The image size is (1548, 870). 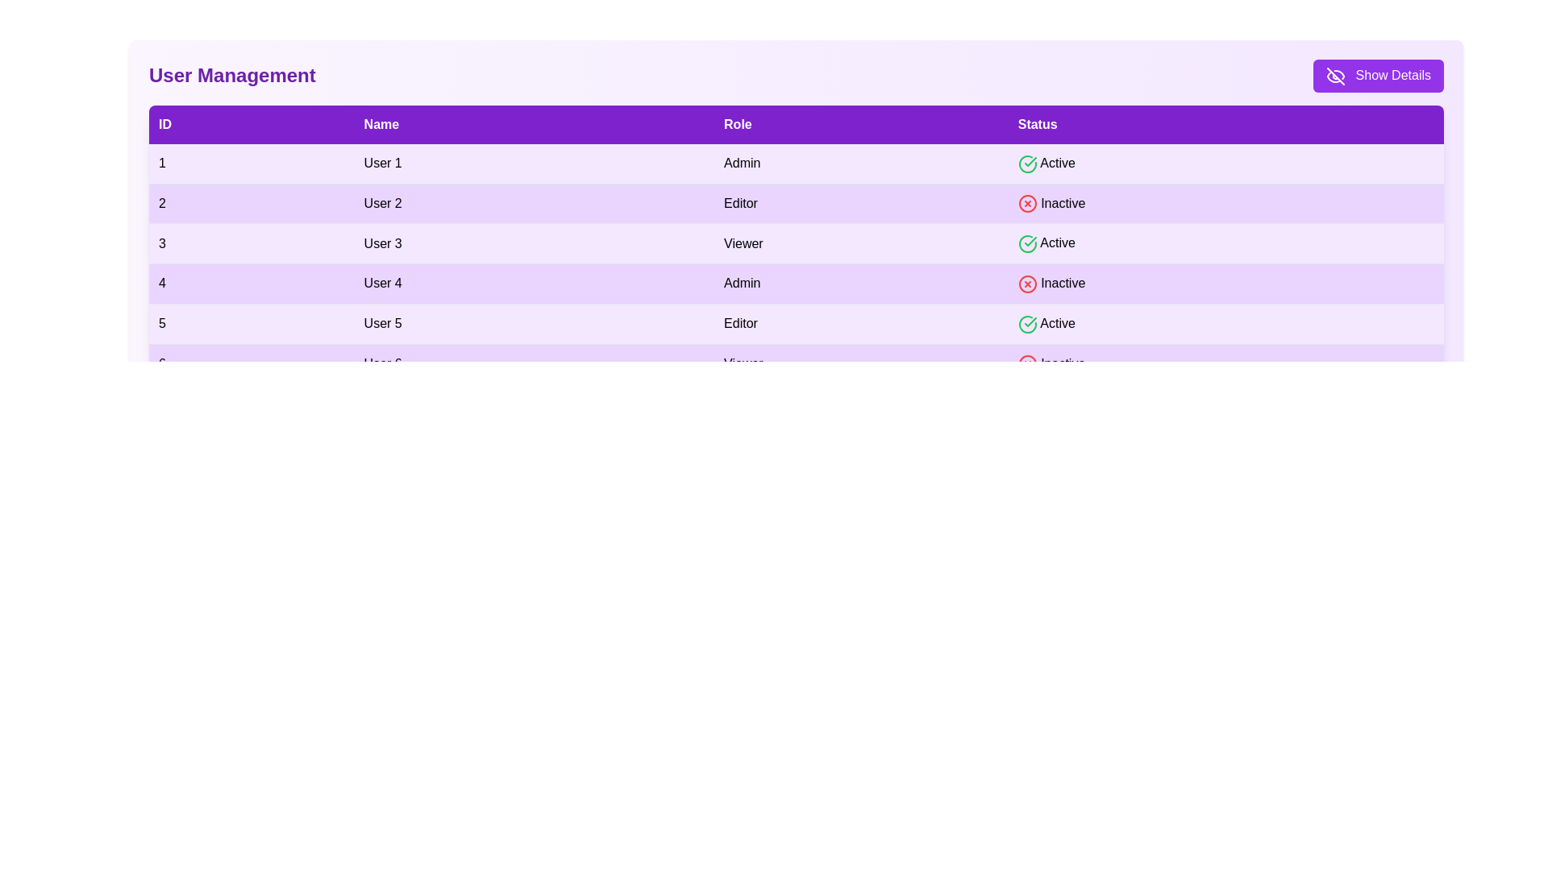 What do you see at coordinates (1225, 123) in the screenshot?
I see `the Status header to sort the table by that column` at bounding box center [1225, 123].